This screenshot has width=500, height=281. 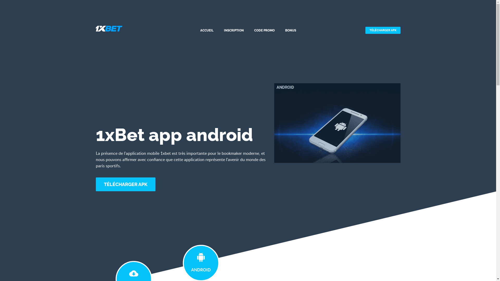 What do you see at coordinates (264, 30) in the screenshot?
I see `'CODE PROMO'` at bounding box center [264, 30].